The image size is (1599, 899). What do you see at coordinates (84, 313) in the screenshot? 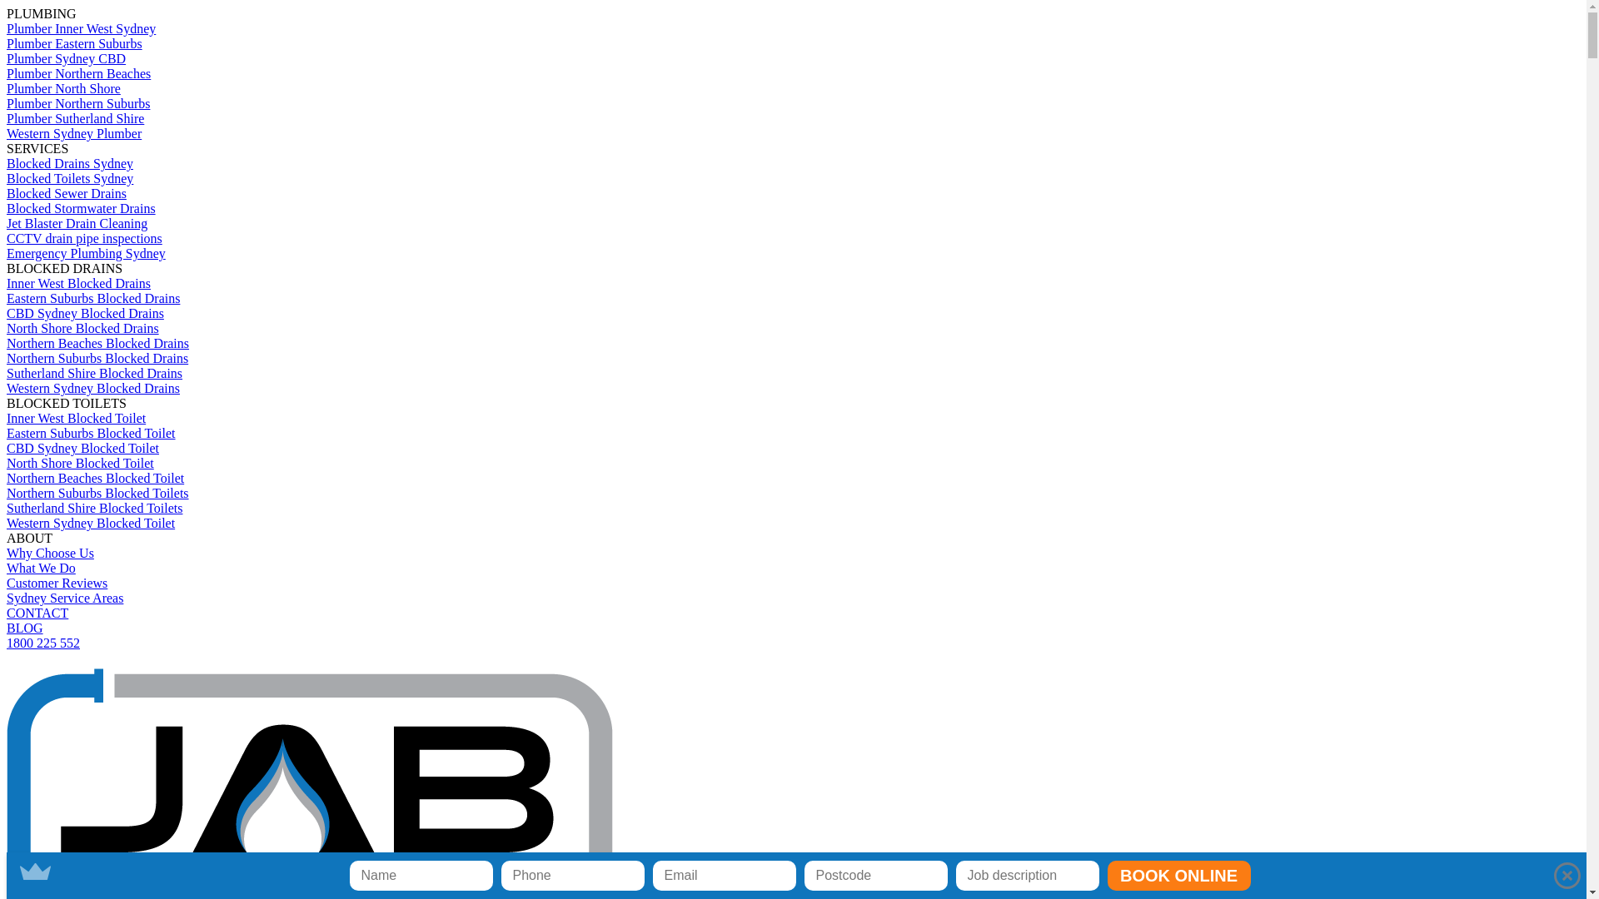
I see `'CBD Sydney Blocked Drains'` at bounding box center [84, 313].